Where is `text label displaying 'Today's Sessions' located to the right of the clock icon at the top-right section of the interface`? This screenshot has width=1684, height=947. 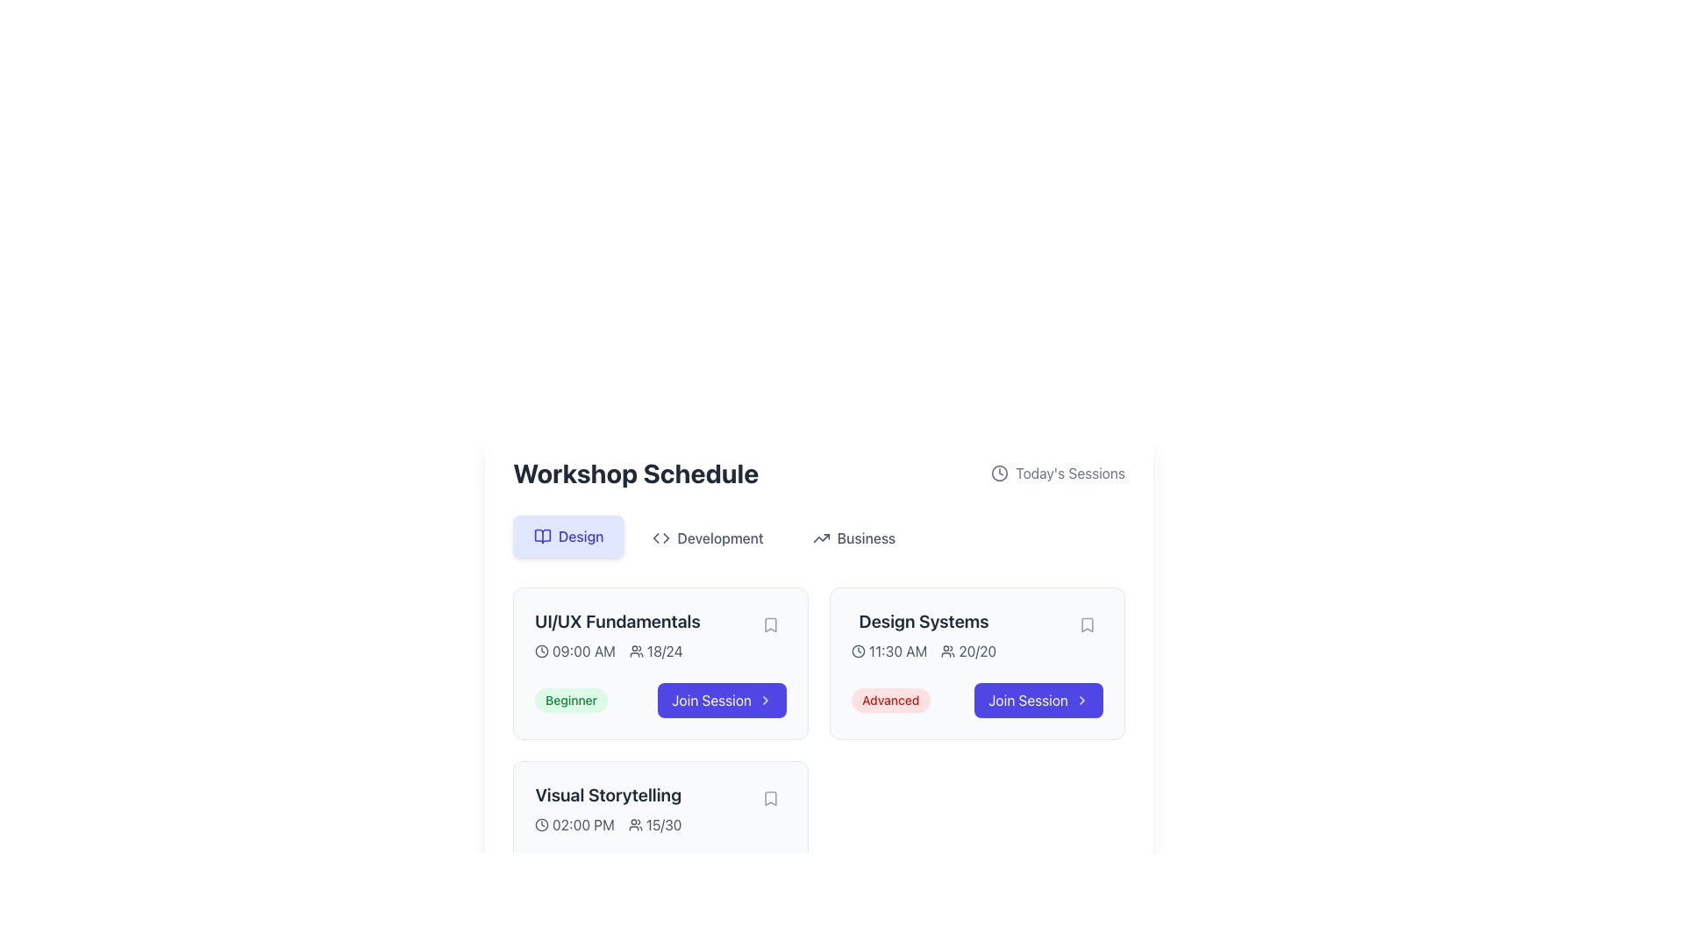
text label displaying 'Today's Sessions' located to the right of the clock icon at the top-right section of the interface is located at coordinates (1069, 473).